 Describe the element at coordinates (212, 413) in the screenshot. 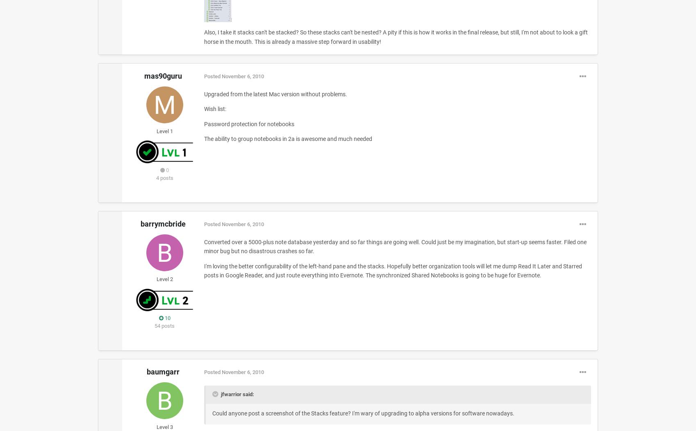

I see `'Could anyone post a screenshot of the Stacks feature? I'm wary of upgrading to alpha versions for software nowadays.'` at that location.